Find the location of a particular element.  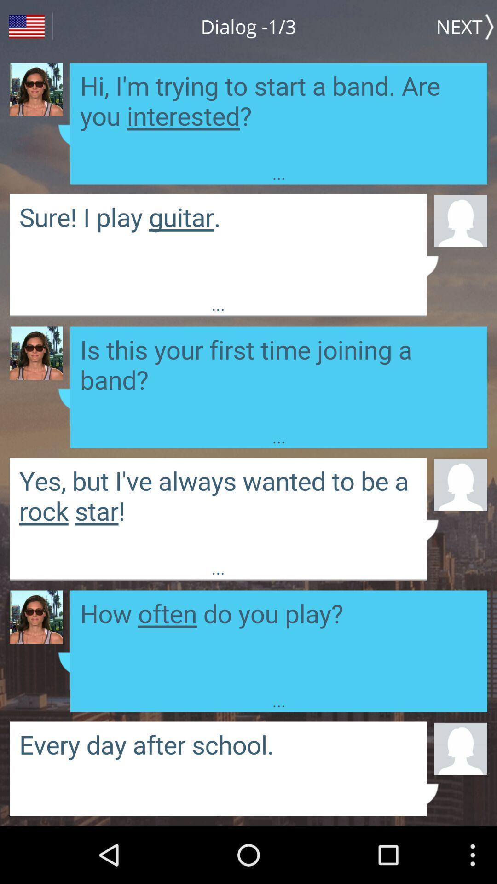

text replying to user is located at coordinates (278, 376).